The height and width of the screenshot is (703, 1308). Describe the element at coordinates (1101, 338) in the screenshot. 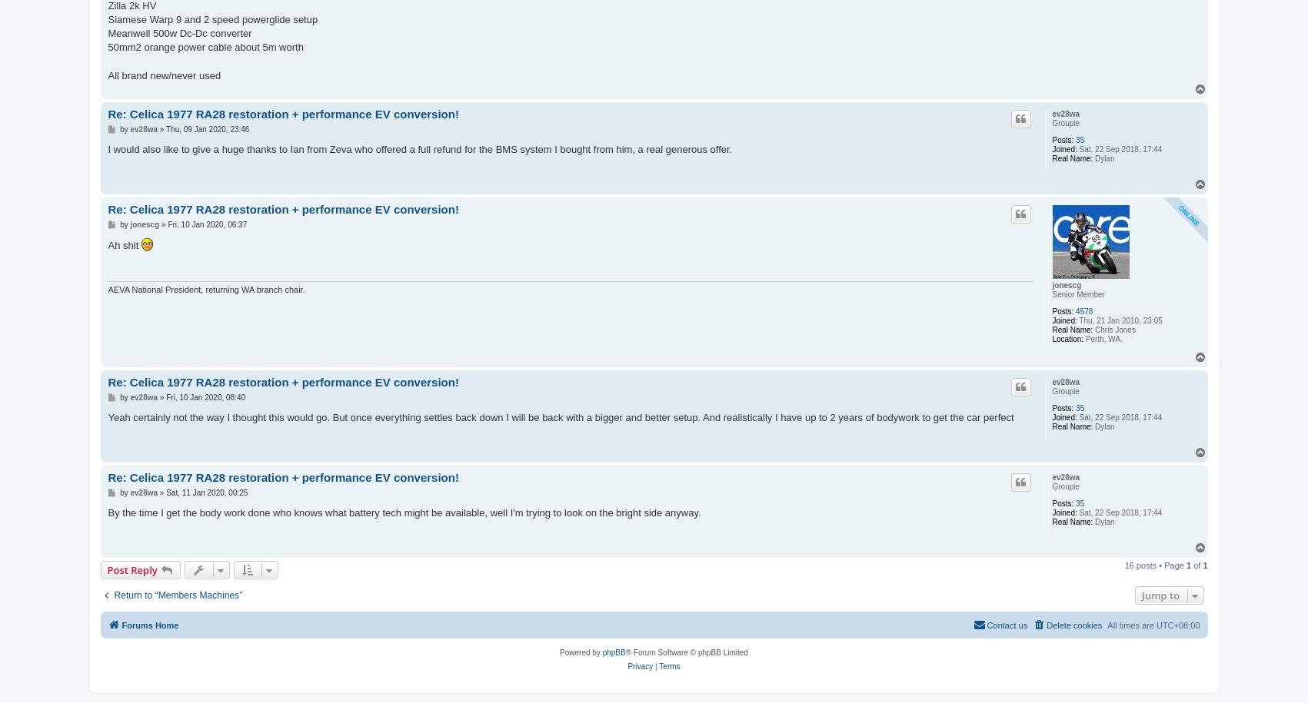

I see `'Perth, WA.'` at that location.